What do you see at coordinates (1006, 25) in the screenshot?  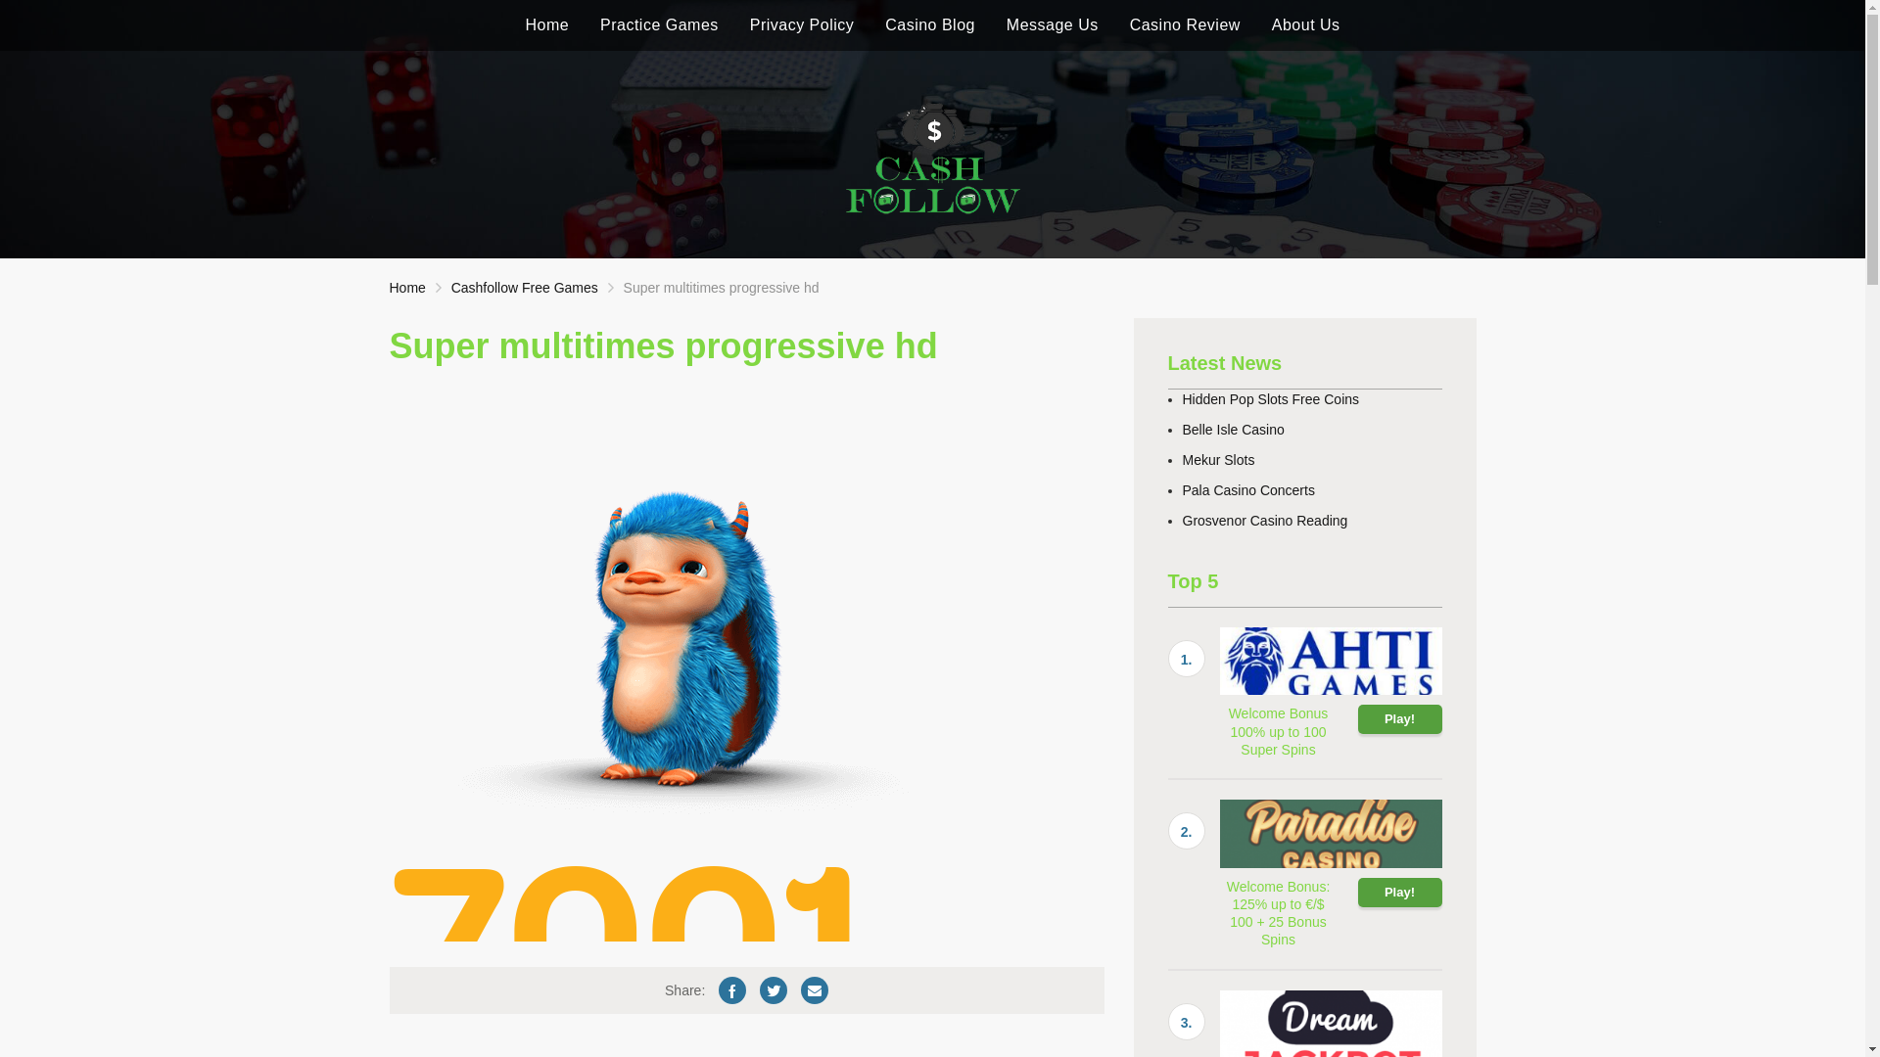 I see `'Message Us'` at bounding box center [1006, 25].